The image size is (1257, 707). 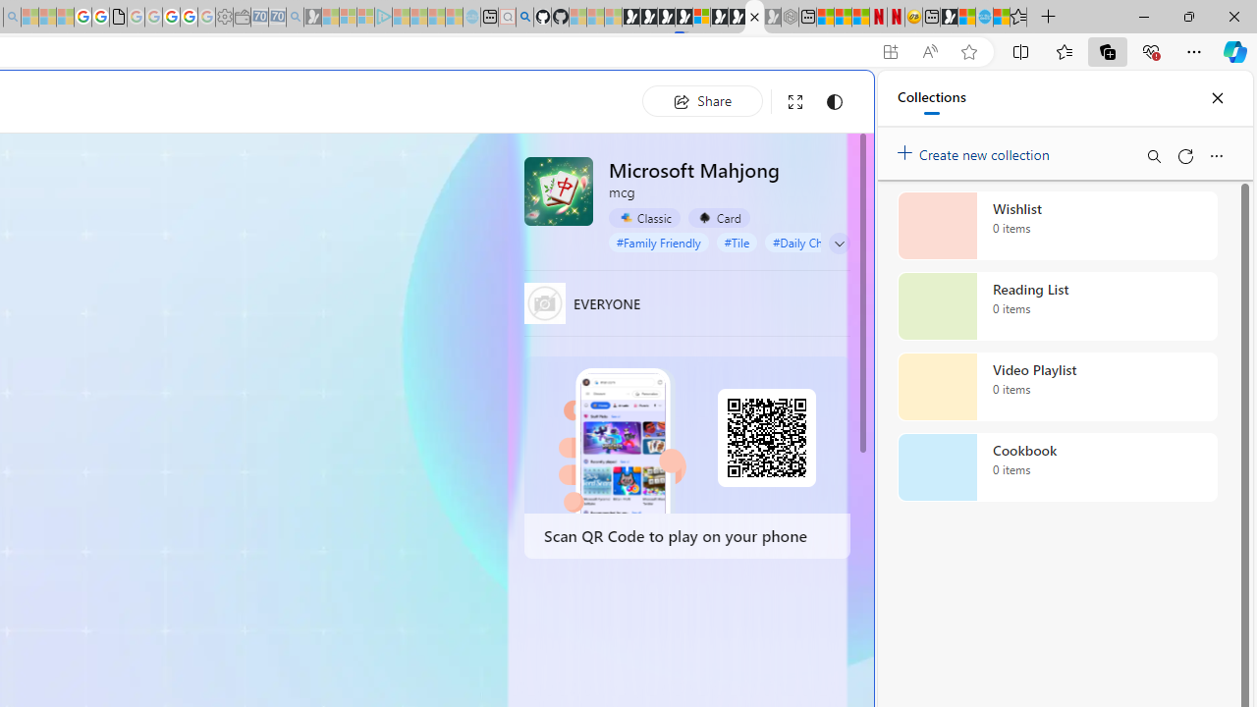 What do you see at coordinates (834, 101) in the screenshot?
I see `'Change to dark mode'` at bounding box center [834, 101].